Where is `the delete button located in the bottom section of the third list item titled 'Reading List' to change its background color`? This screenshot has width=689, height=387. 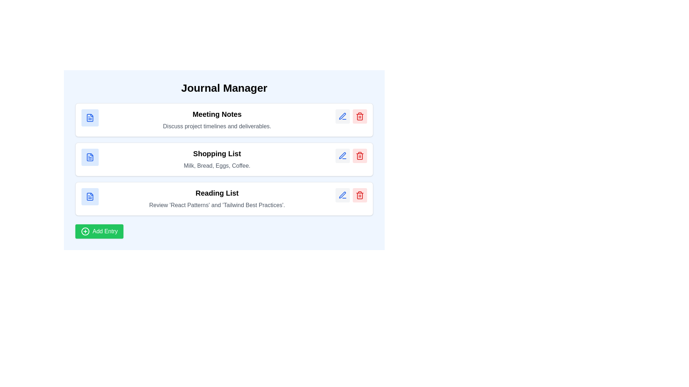
the delete button located in the bottom section of the third list item titled 'Reading List' to change its background color is located at coordinates (360, 195).